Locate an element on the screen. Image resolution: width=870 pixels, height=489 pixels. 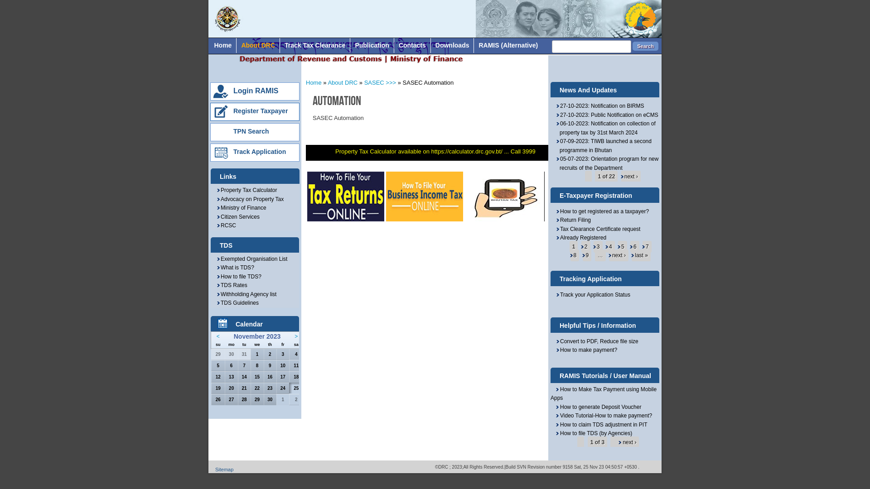
'Automation' is located at coordinates (336, 101).